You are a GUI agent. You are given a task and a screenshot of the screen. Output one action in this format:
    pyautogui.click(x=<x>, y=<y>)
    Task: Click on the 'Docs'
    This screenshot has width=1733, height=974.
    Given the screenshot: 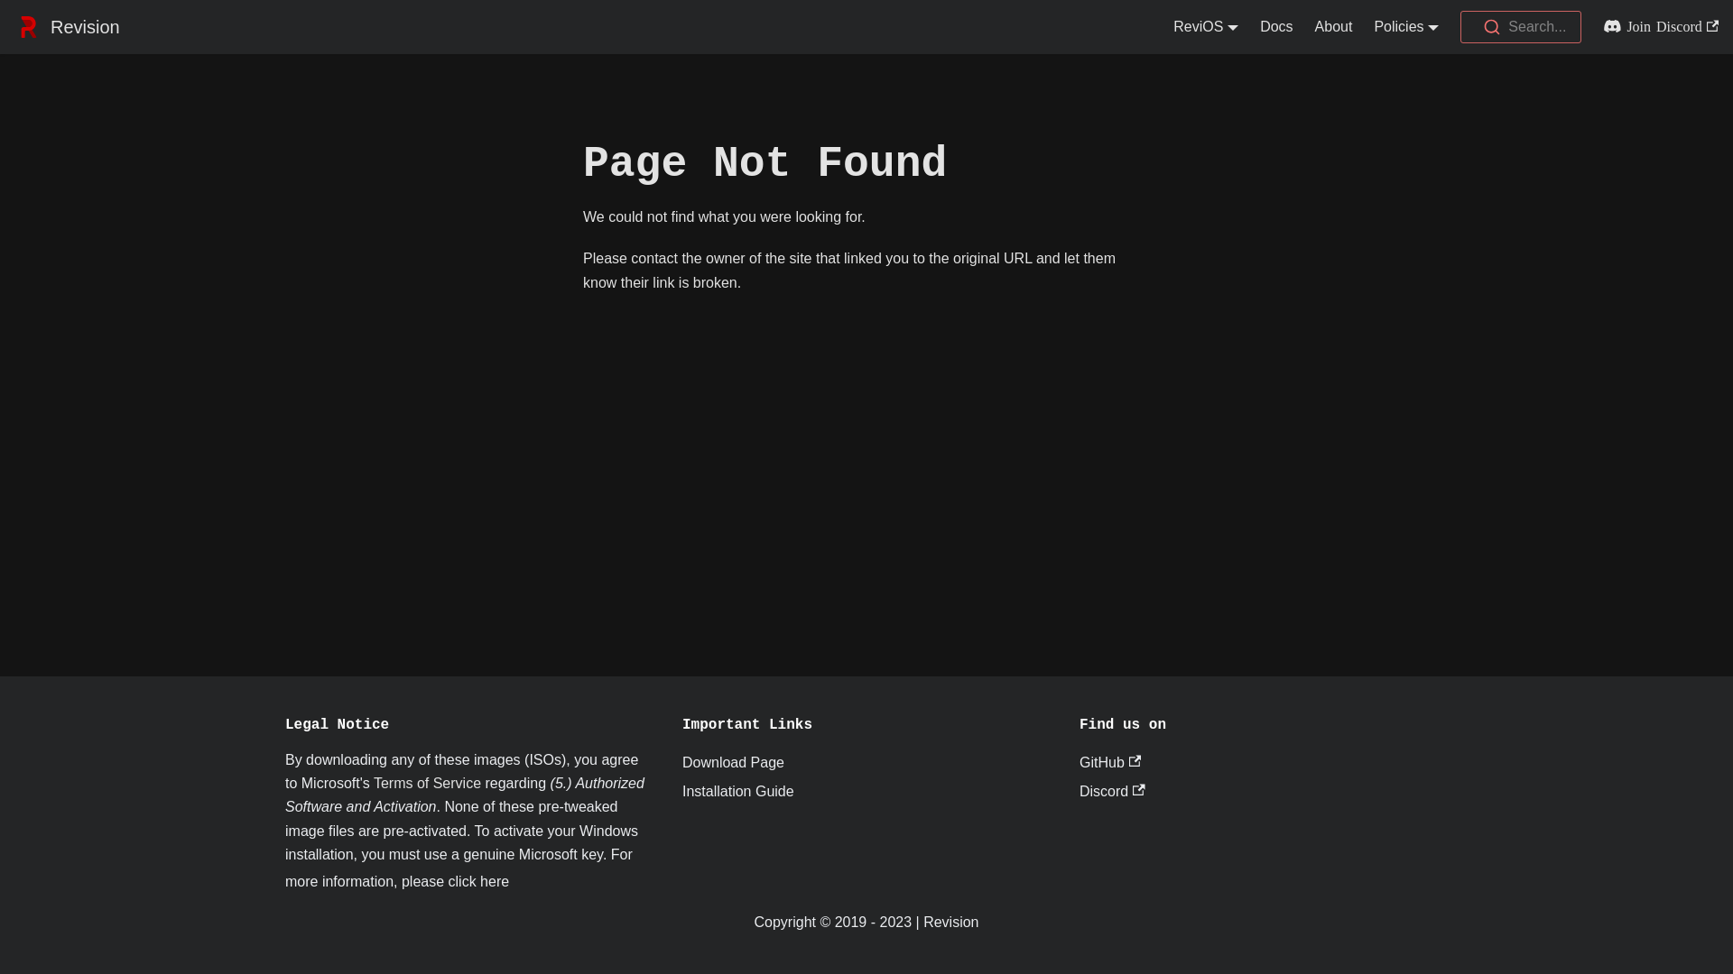 What is the action you would take?
    pyautogui.click(x=1275, y=27)
    